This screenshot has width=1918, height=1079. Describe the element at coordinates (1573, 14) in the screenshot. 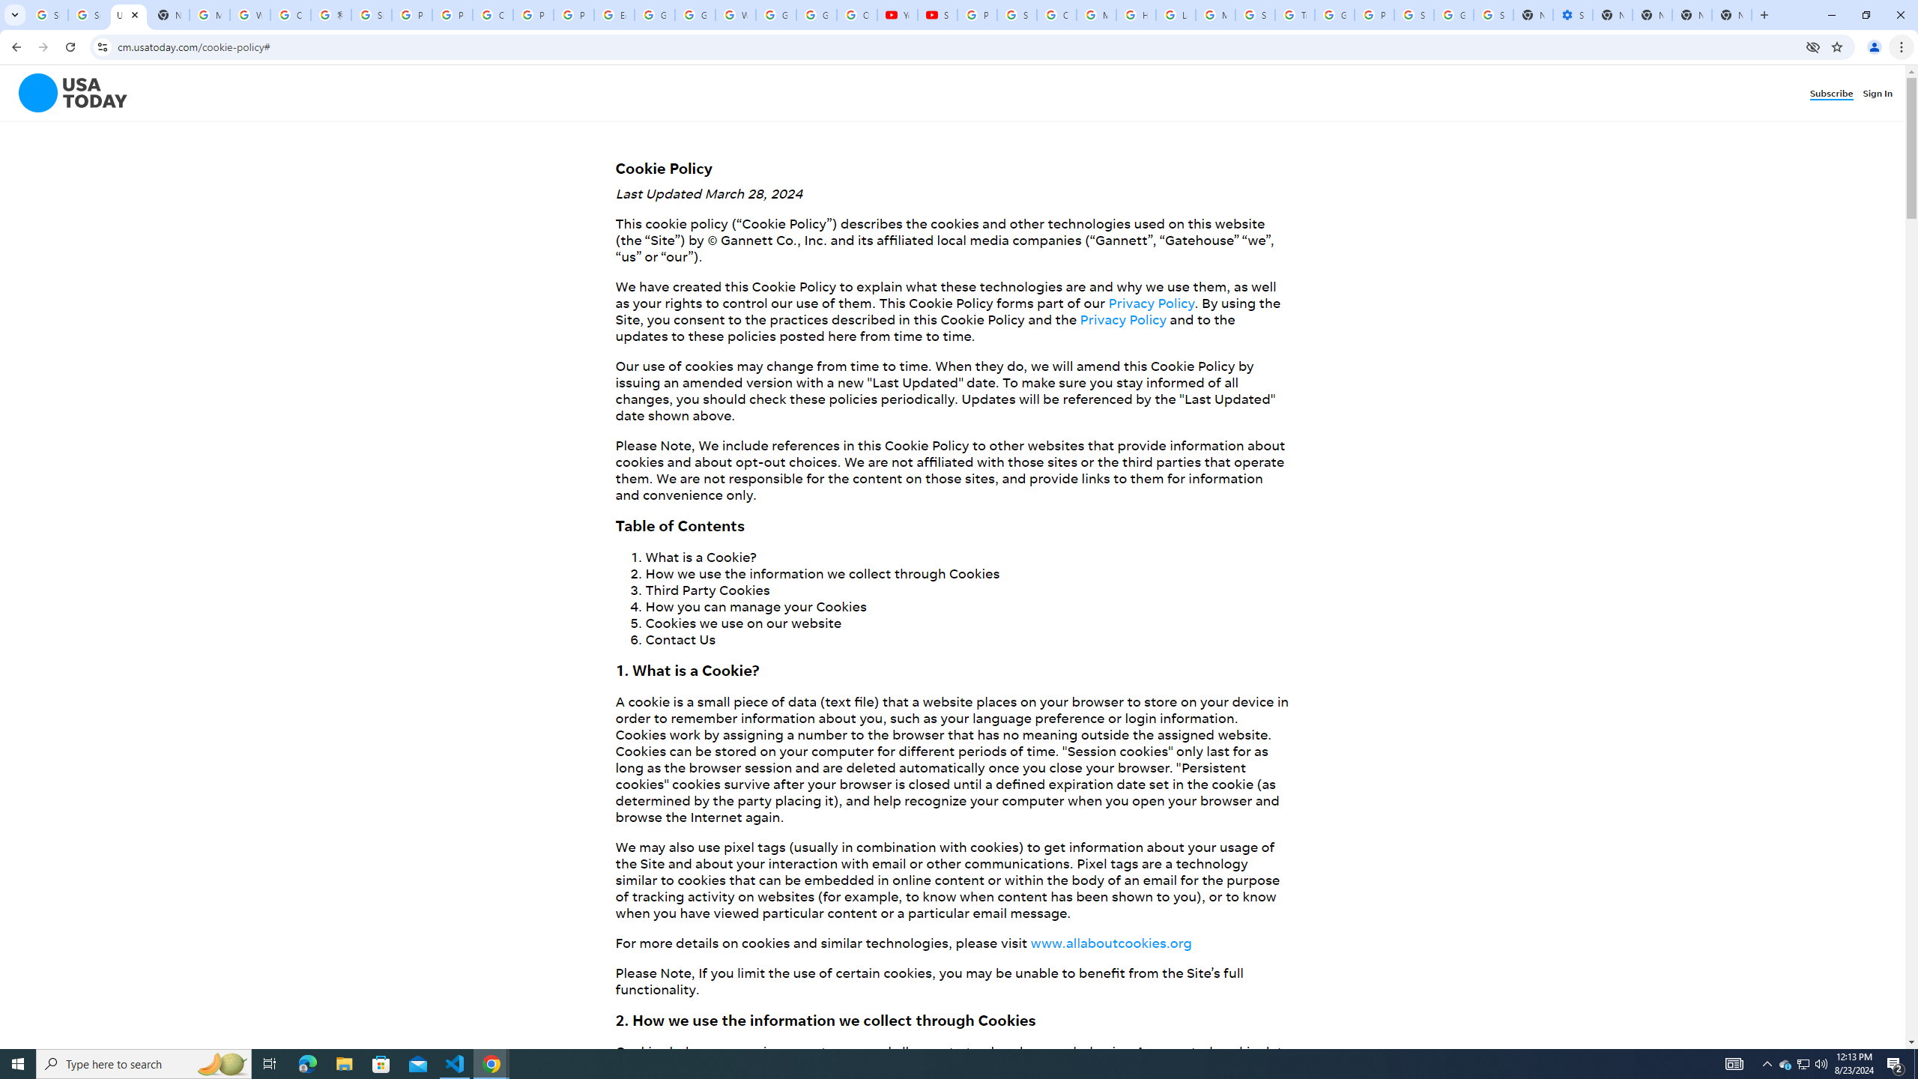

I see `'Settings - Performance'` at that location.